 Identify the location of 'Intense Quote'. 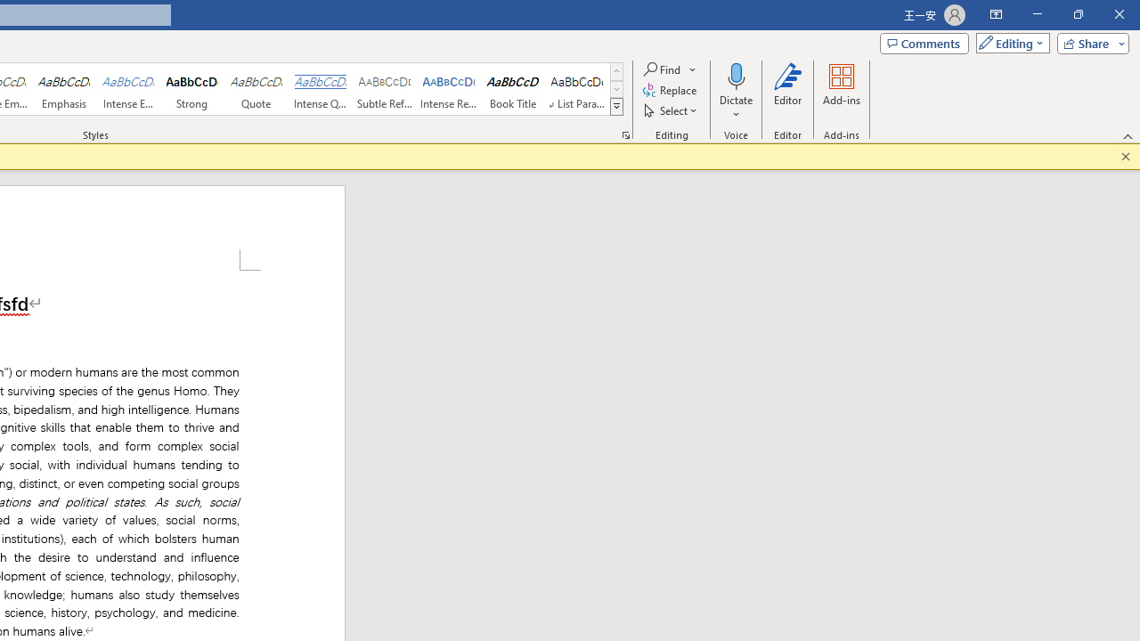
(320, 89).